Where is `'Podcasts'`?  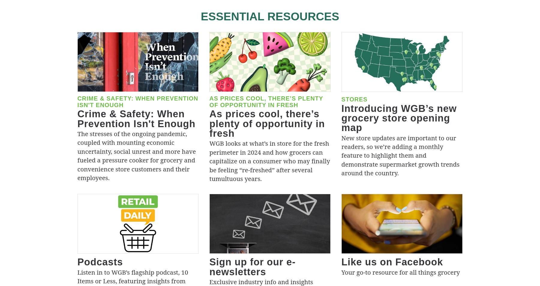
'Podcasts' is located at coordinates (100, 262).